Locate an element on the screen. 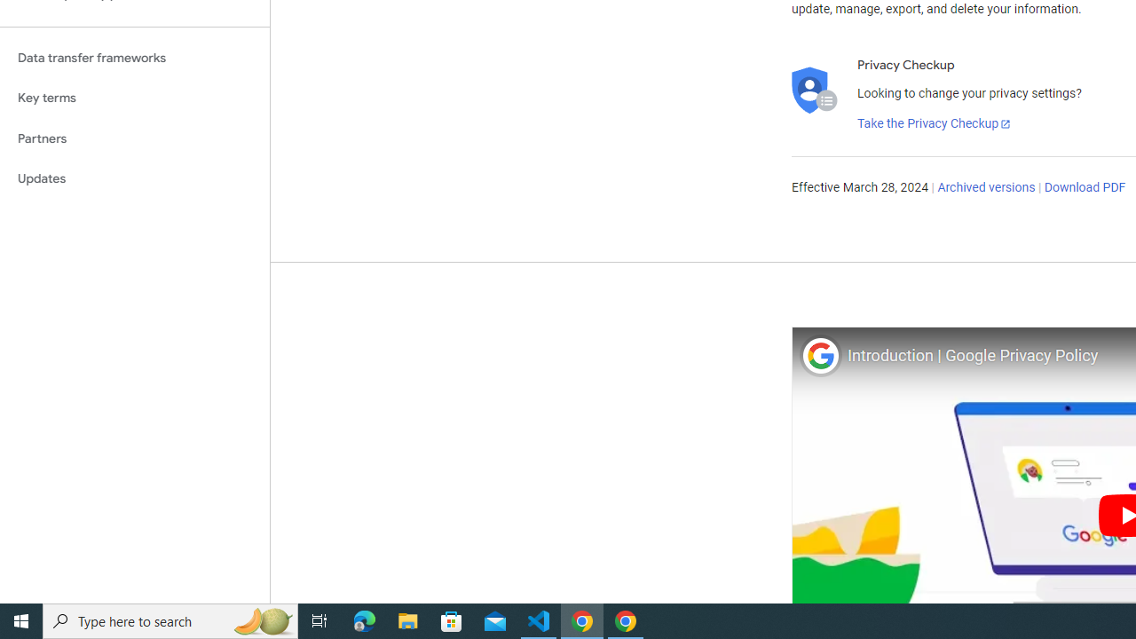 The image size is (1136, 639). 'Key terms' is located at coordinates (134, 98).